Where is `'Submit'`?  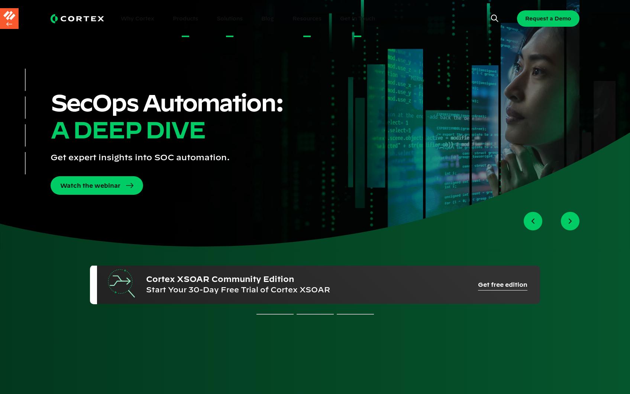
'Submit' is located at coordinates (87, 336).